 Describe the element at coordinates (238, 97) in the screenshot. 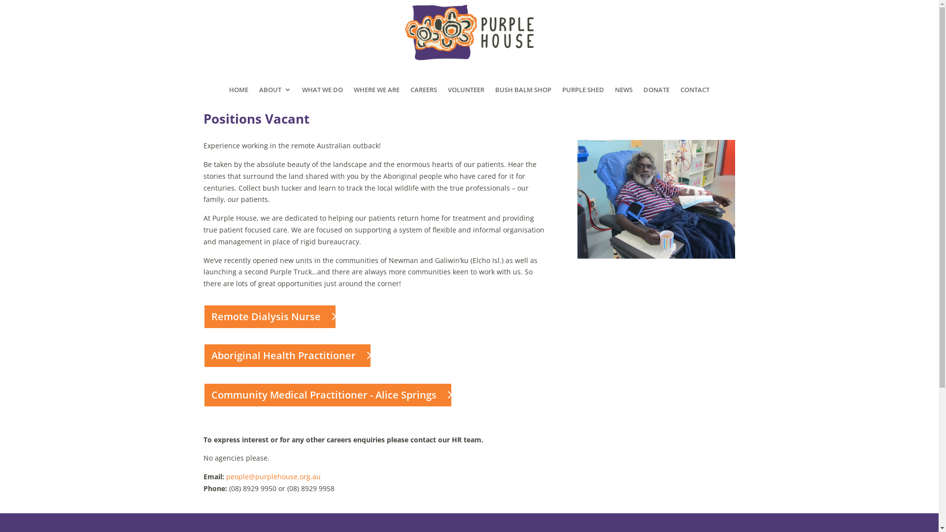

I see `'HOME'` at that location.